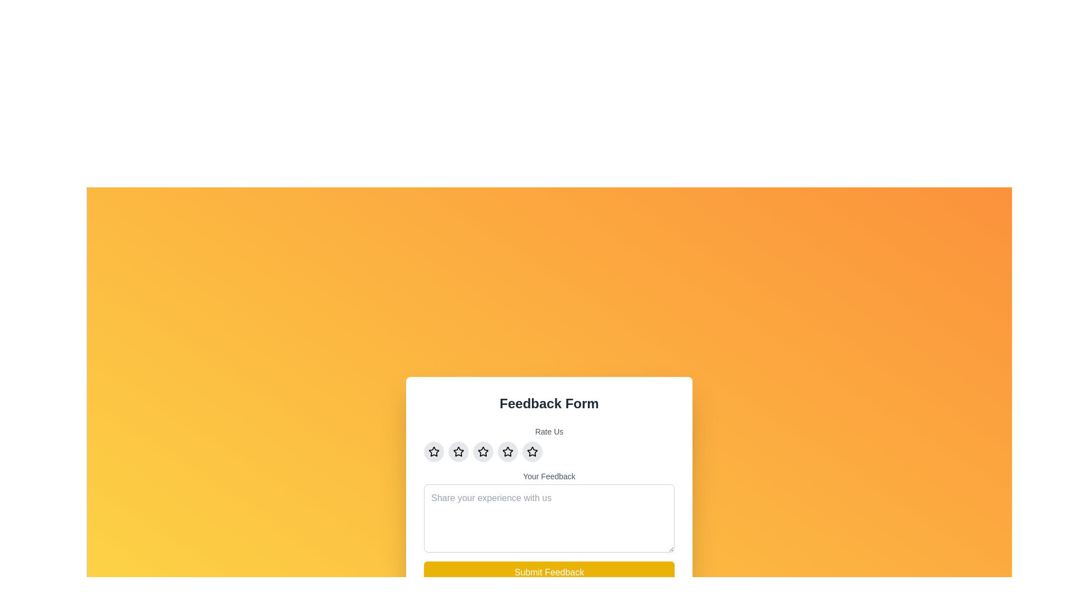 Image resolution: width=1074 pixels, height=604 pixels. I want to click on the fourth star icon in the rating system located below the 'Rate Us' text in the feedback form interface, so click(531, 451).